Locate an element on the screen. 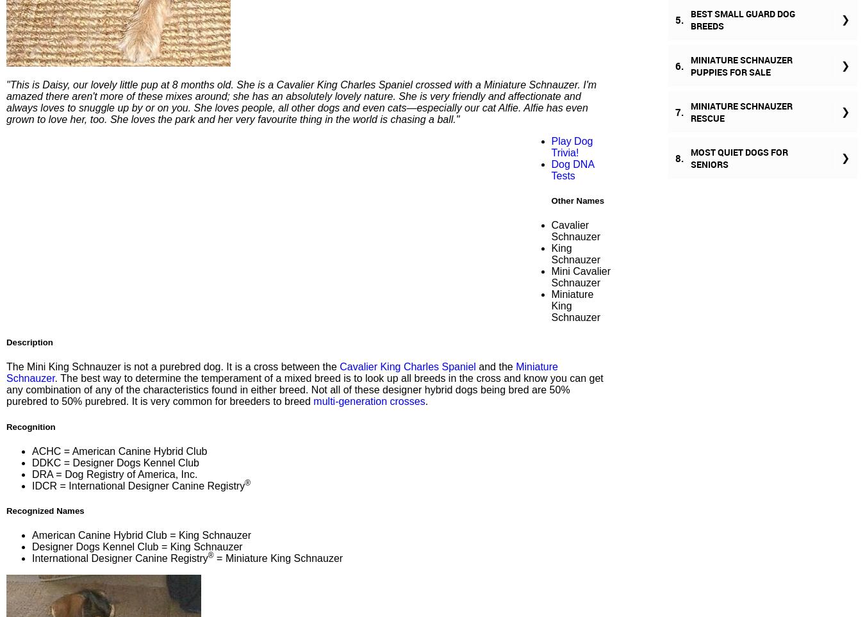  'ACHC = American Canine Hybrid Club' is located at coordinates (119, 450).